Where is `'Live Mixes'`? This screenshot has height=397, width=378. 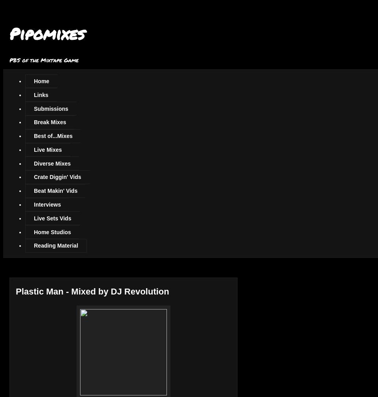
'Live Mixes' is located at coordinates (47, 149).